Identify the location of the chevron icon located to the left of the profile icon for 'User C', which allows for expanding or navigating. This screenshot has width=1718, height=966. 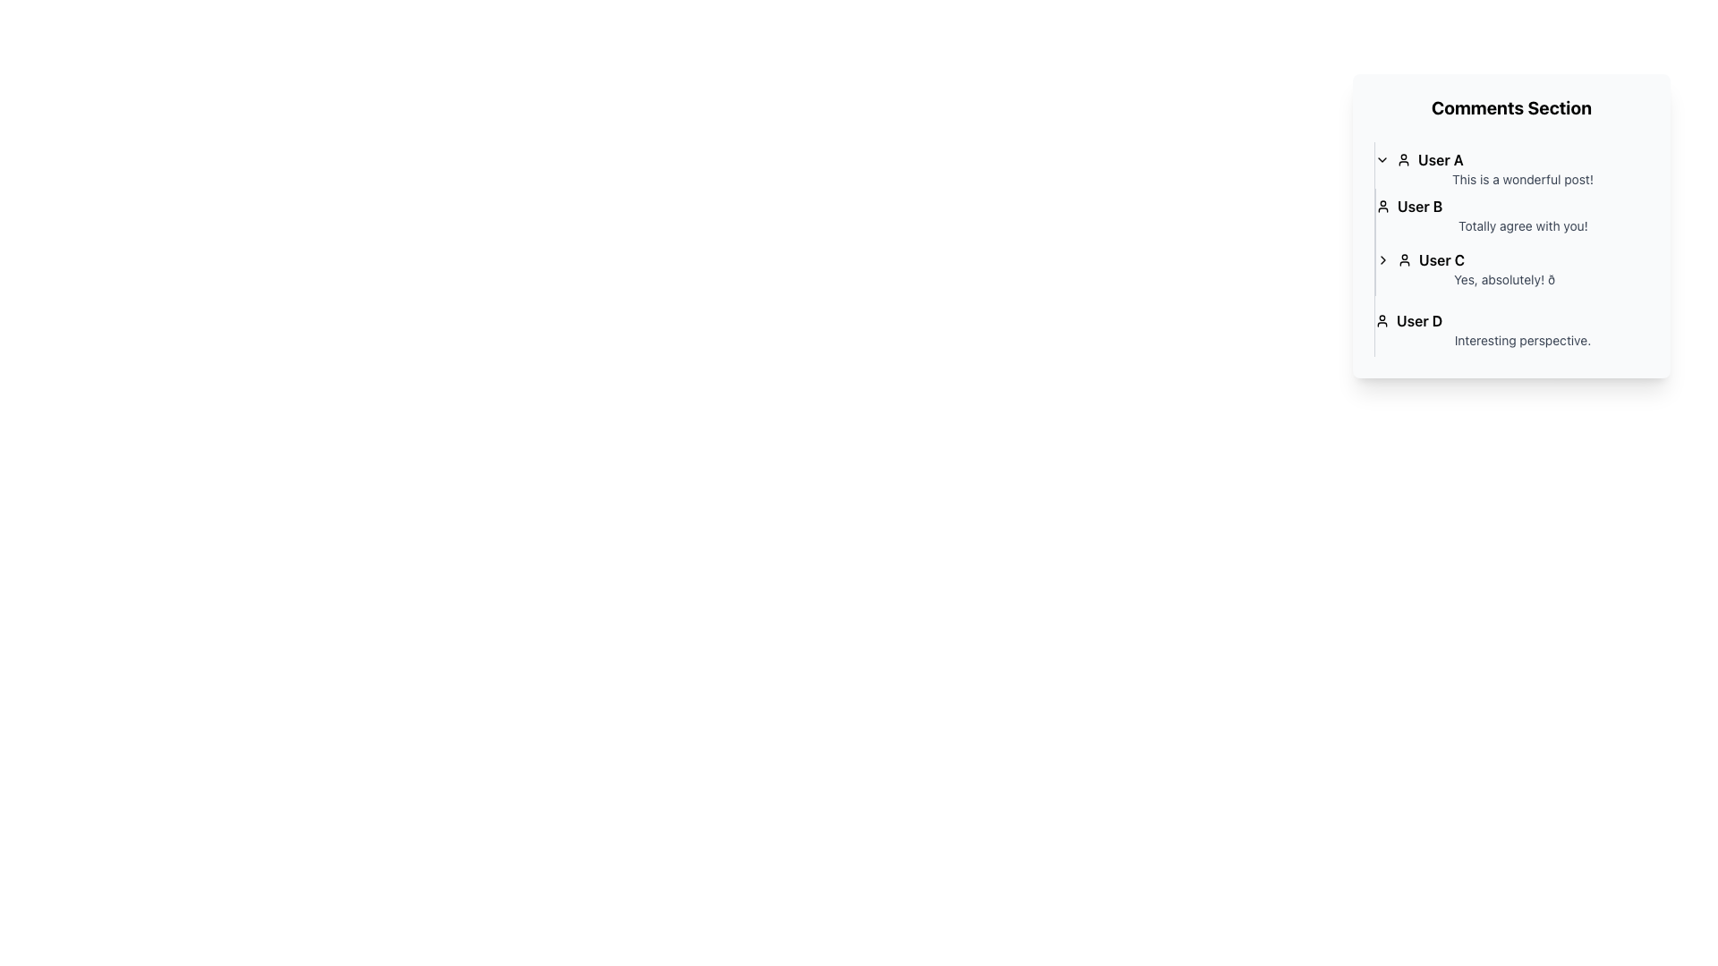
(1382, 259).